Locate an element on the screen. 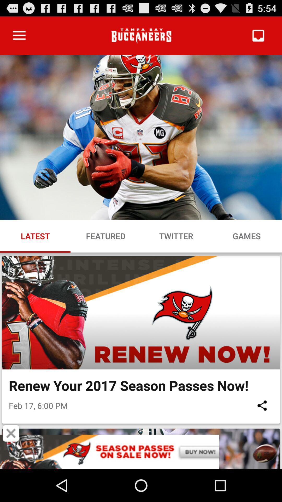 This screenshot has width=282, height=502. the item below the renew your 2017 item is located at coordinates (262, 405).